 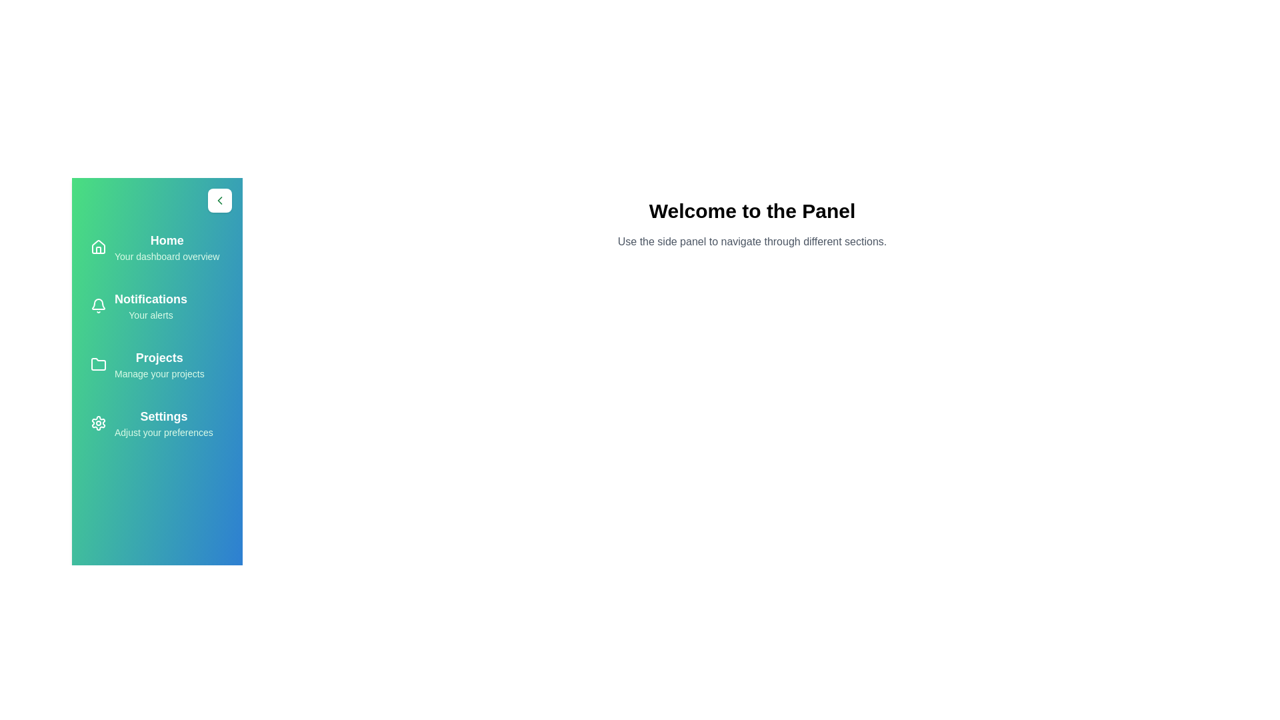 I want to click on the tab Notifications from the side panel, so click(x=157, y=306).